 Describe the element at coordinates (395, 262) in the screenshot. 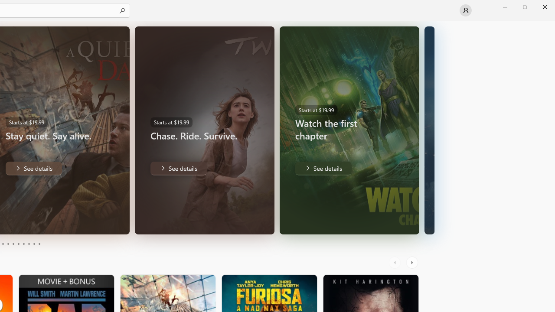

I see `'AutomationID: LeftScrollButton'` at that location.